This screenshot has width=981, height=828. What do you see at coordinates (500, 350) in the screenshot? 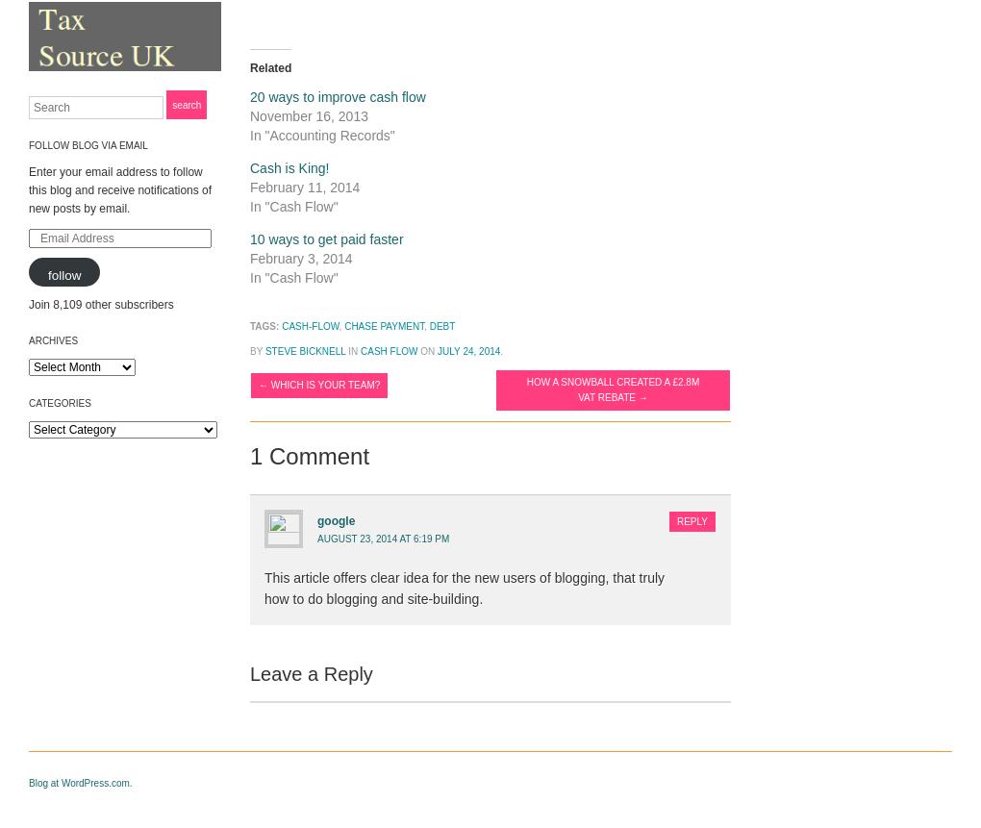
I see `'.'` at bounding box center [500, 350].